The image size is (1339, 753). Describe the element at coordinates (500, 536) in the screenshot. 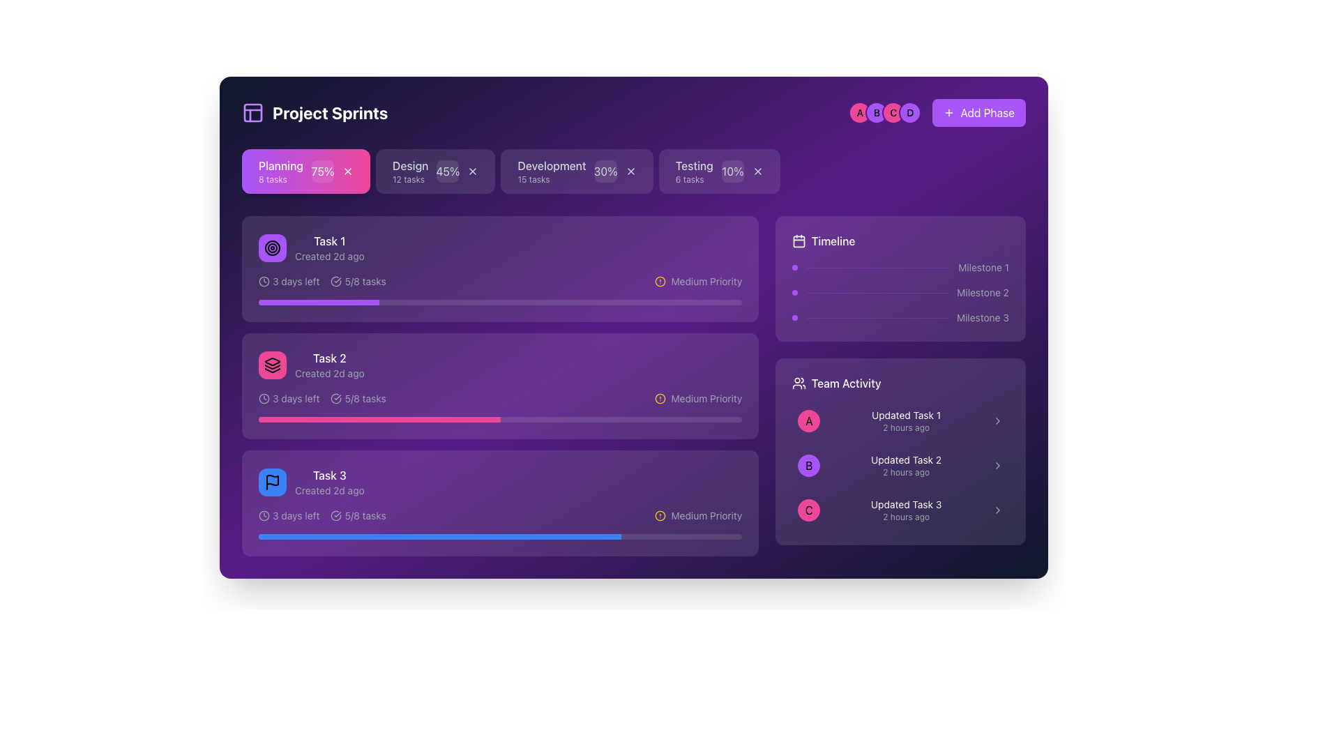

I see `the horizontal progress bar located at the bottom of the 'Task 3' card, which is visually characterized by a rounded rectangle shape filled partially with blue to indicate progress` at that location.